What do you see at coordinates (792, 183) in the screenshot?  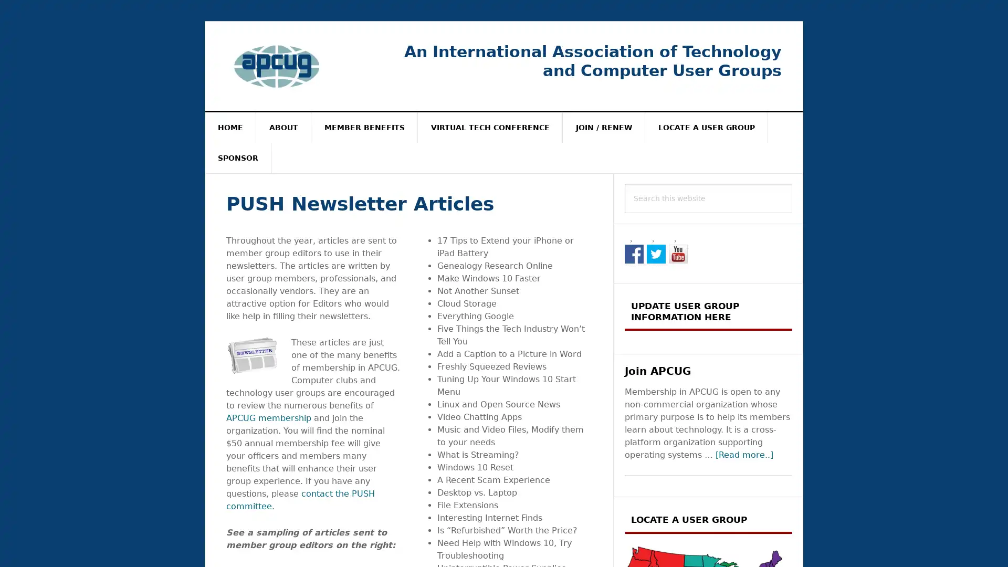 I see `Search` at bounding box center [792, 183].